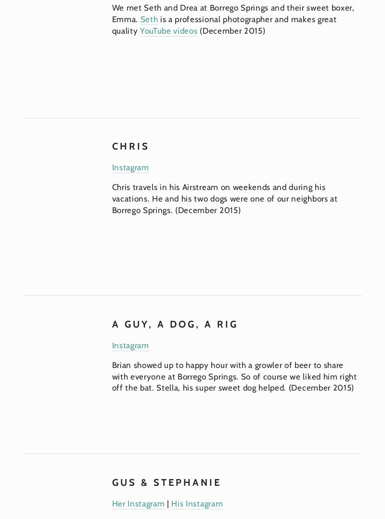  Describe the element at coordinates (111, 376) in the screenshot. I see `'Brian showed up to happy hour with a growler of beer to share with everyone at Borrego Springs. So of course we liked him right off the bat. Stella, his super sweet dog helped. (December 2015)'` at that location.